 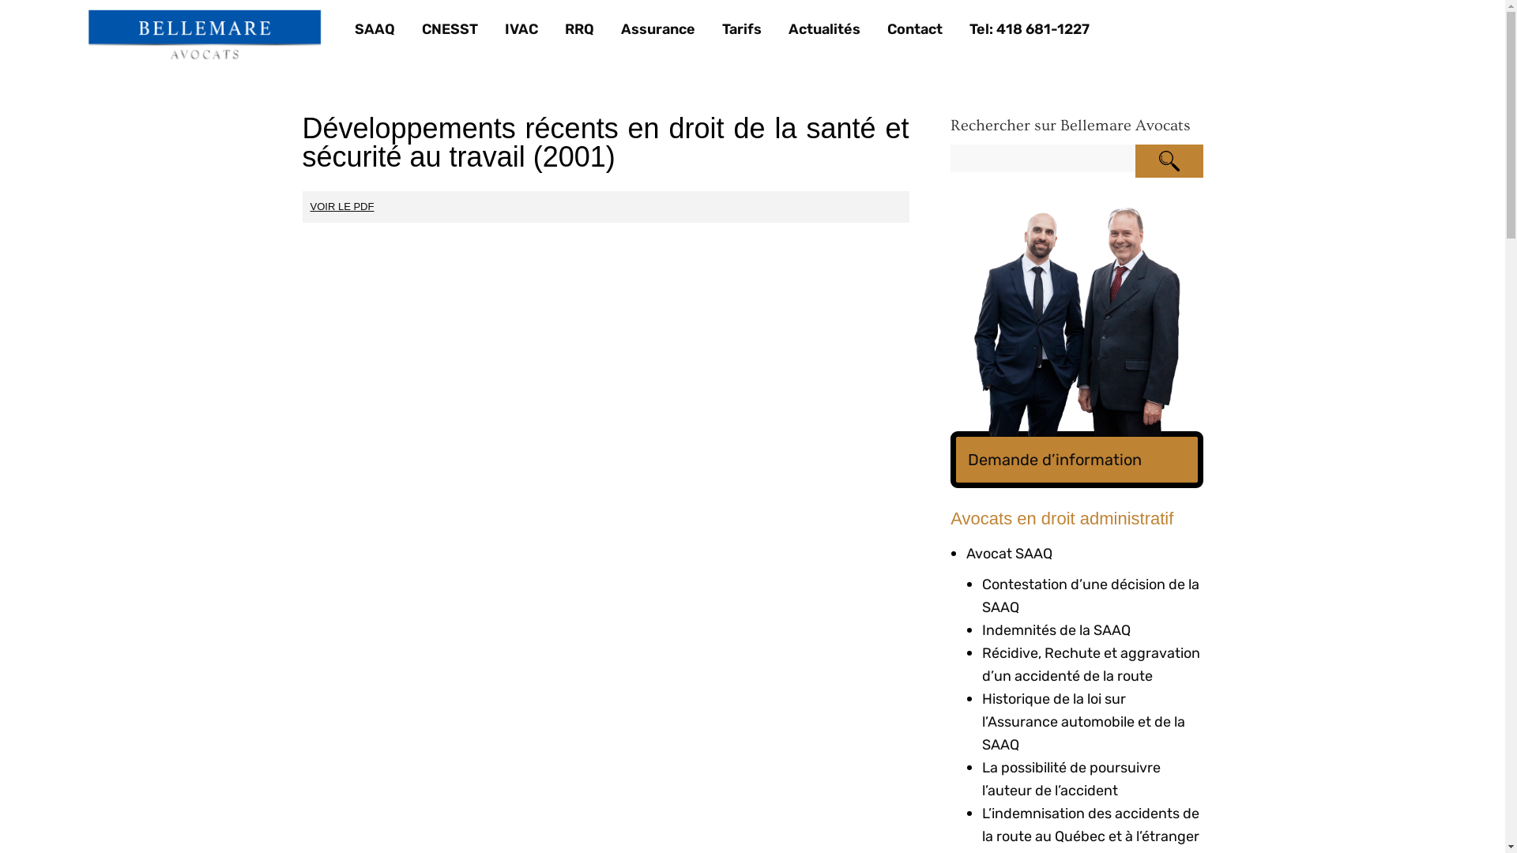 I want to click on 'aller', so click(x=1168, y=161).